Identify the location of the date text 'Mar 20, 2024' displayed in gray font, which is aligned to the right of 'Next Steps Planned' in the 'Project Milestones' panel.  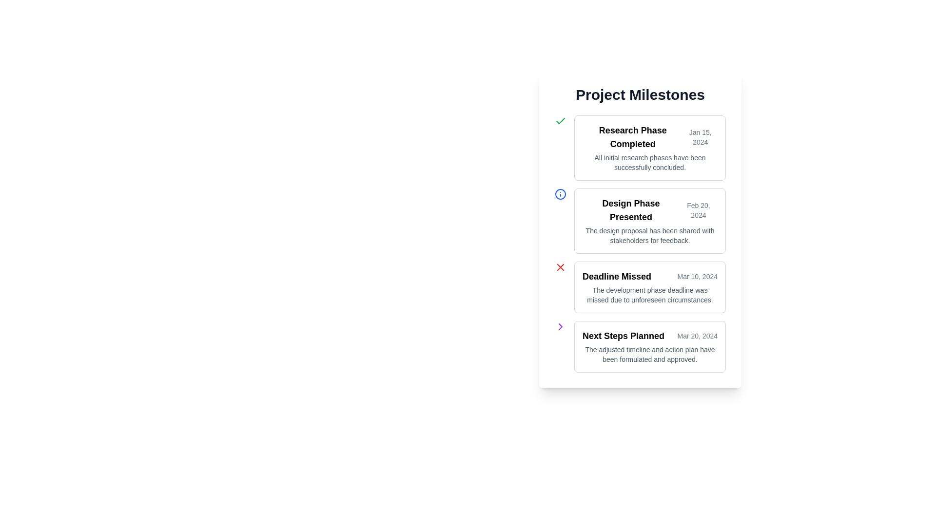
(697, 336).